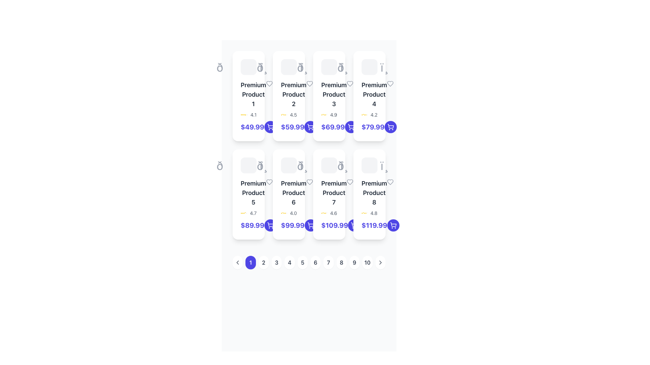 The image size is (650, 365). I want to click on the product name 'Premium Product 2' displayed on the product display card in the grid layout, which is the second item in the first row, so click(289, 96).